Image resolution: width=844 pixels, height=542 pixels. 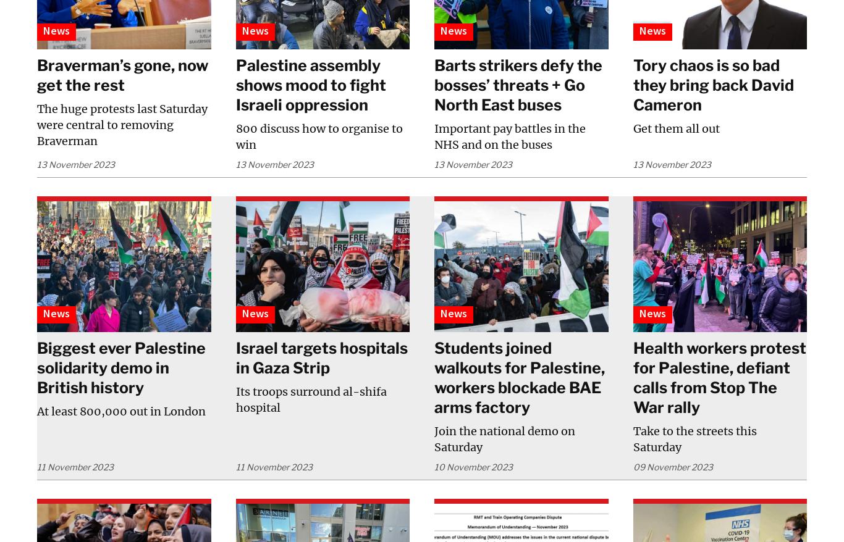 I want to click on 'Braverman’s gone, now get the rest', so click(x=122, y=75).